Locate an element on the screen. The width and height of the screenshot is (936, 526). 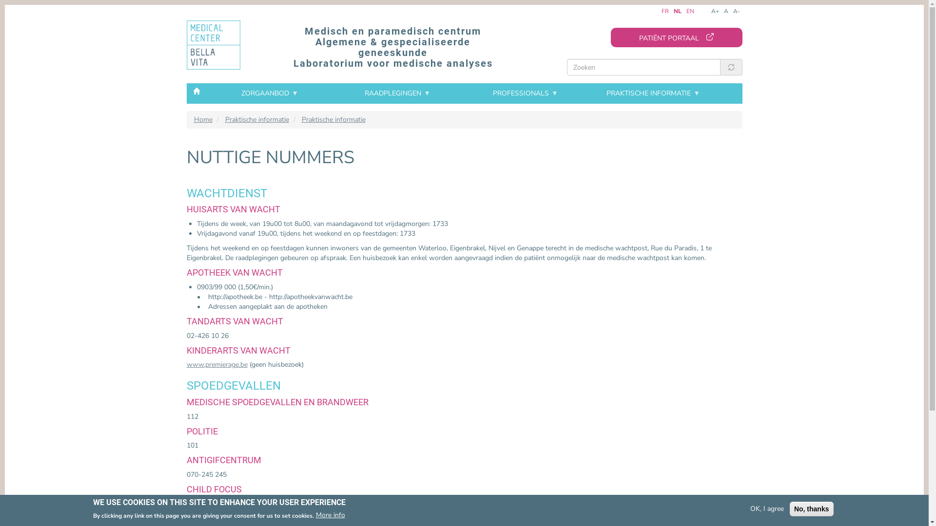
'WERKEN IN HET BELLA VITA MEDICAL CENTER' is located at coordinates (249, 159).